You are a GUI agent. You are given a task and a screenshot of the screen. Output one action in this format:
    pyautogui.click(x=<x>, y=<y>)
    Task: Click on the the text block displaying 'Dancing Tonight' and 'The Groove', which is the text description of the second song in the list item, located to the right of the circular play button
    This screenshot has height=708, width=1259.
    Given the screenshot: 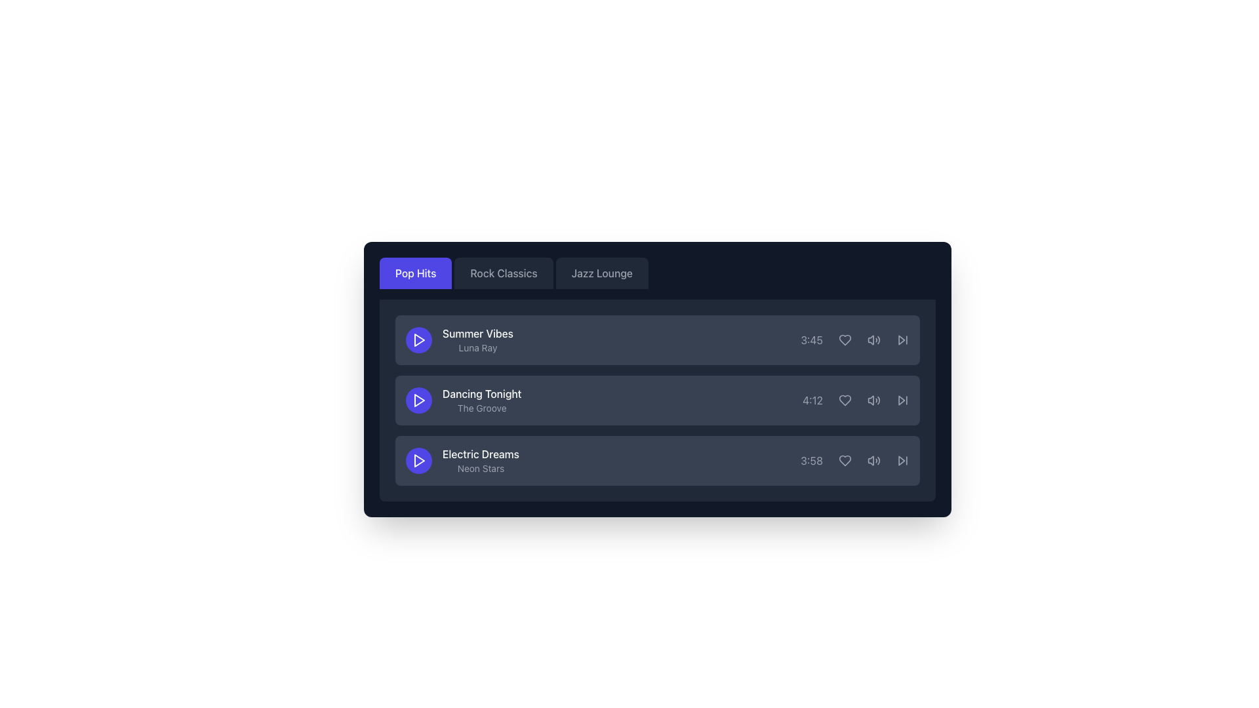 What is the action you would take?
    pyautogui.click(x=481, y=399)
    